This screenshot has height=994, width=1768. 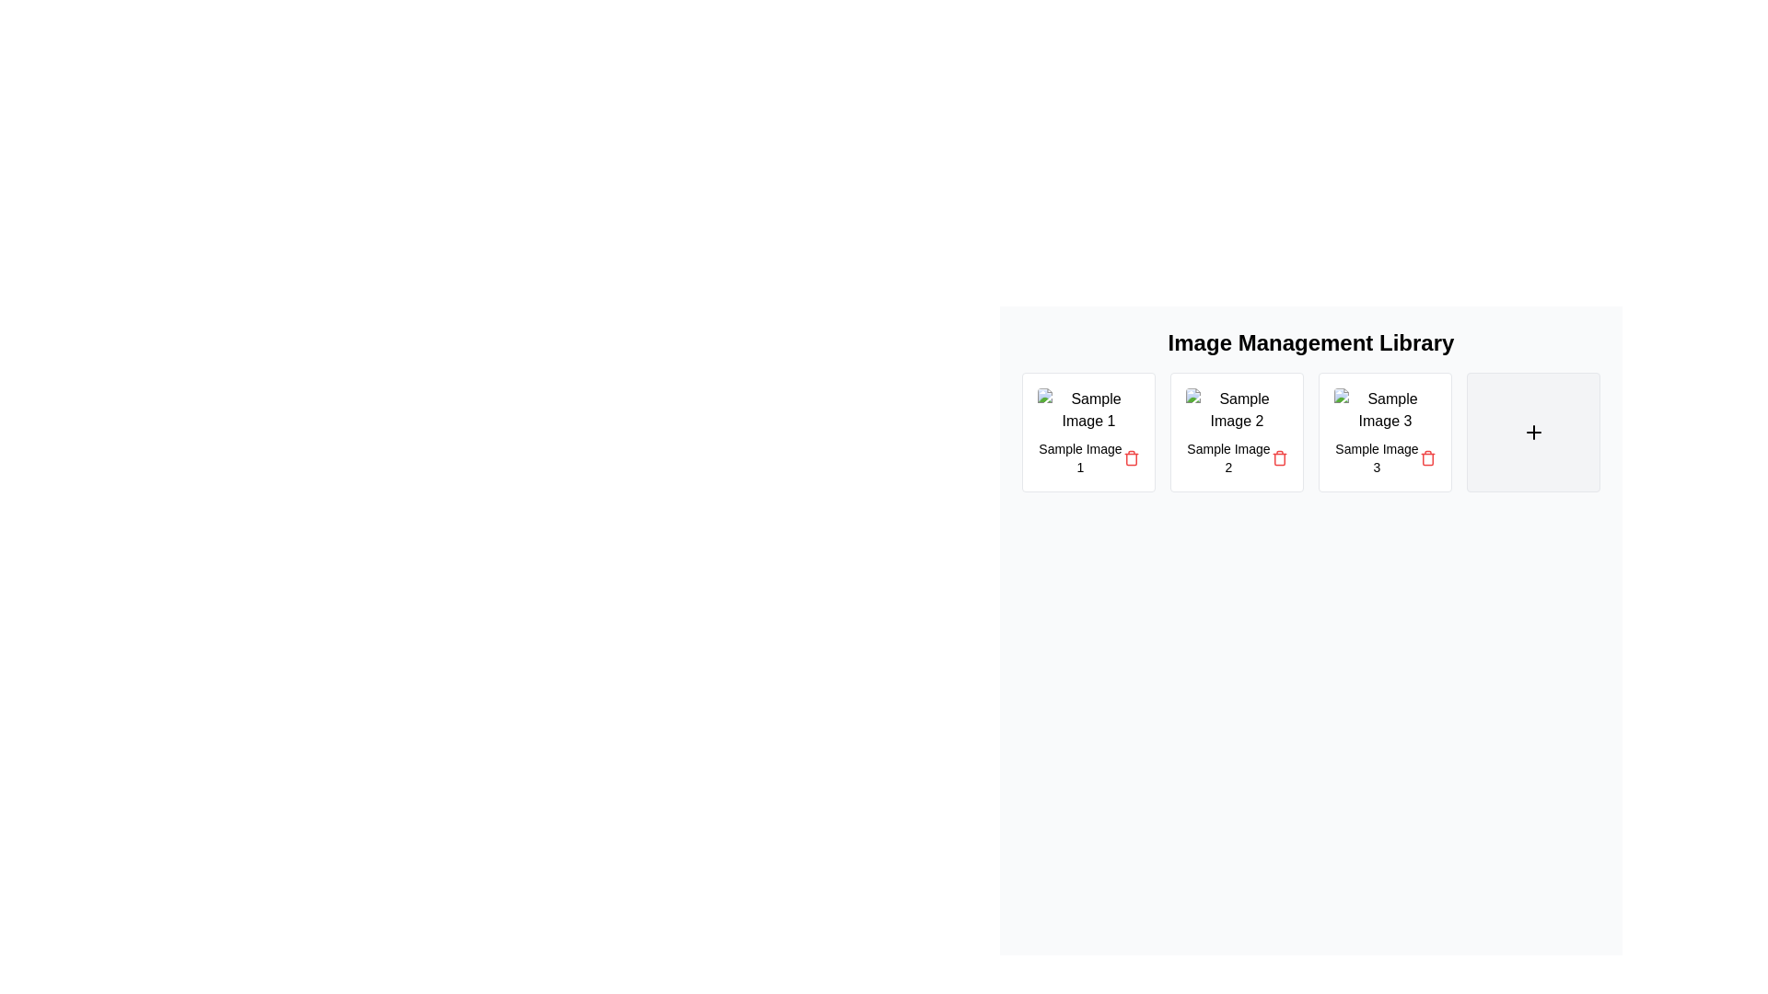 I want to click on the Text label located in the top-left section of the grid layout within the 'Image Management Library' interface, so click(x=1080, y=457).